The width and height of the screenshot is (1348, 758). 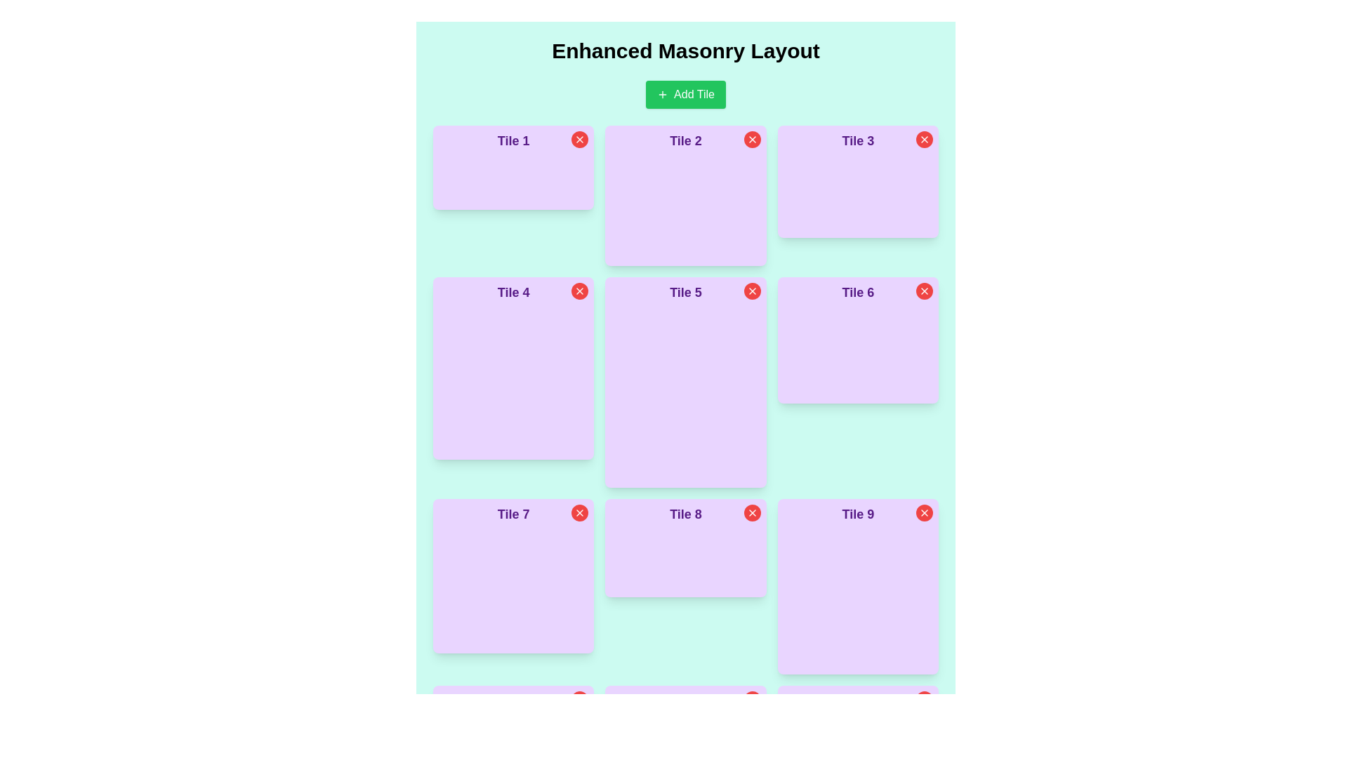 What do you see at coordinates (751, 513) in the screenshot?
I see `the small circular button with a red background and a white 'X' icon located in the top-right corner of 'Tile 8'` at bounding box center [751, 513].